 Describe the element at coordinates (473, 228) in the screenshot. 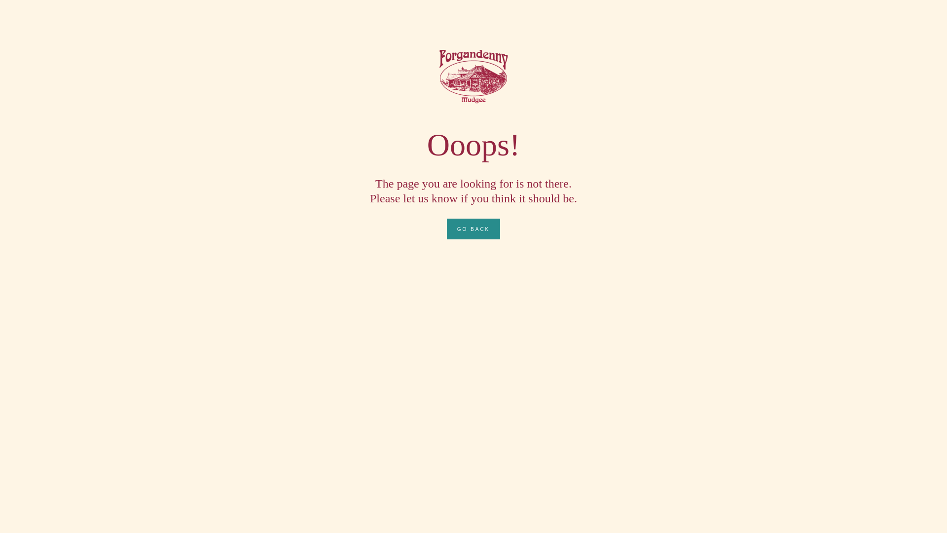

I see `'GO BACK'` at that location.